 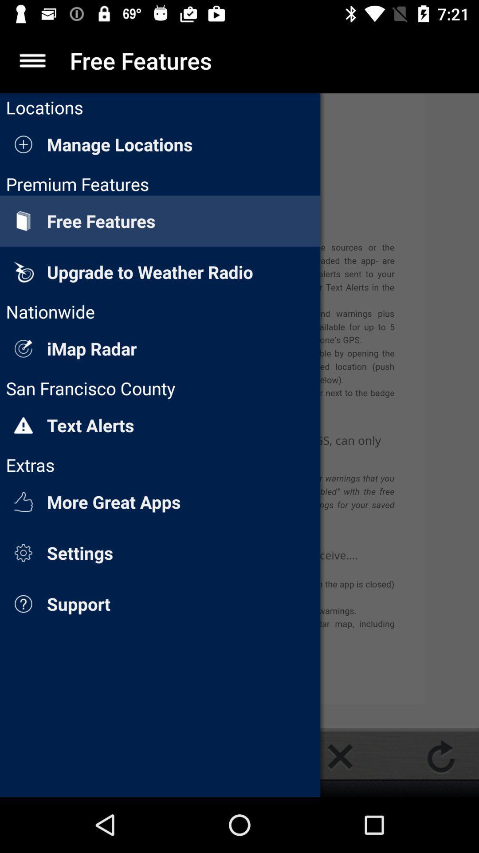 What do you see at coordinates (32, 60) in the screenshot?
I see `features` at bounding box center [32, 60].